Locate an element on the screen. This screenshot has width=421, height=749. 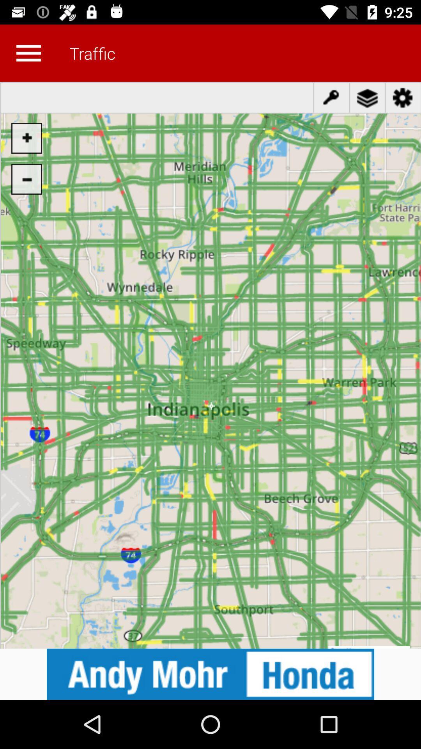
icon at the top left corner is located at coordinates (28, 53).